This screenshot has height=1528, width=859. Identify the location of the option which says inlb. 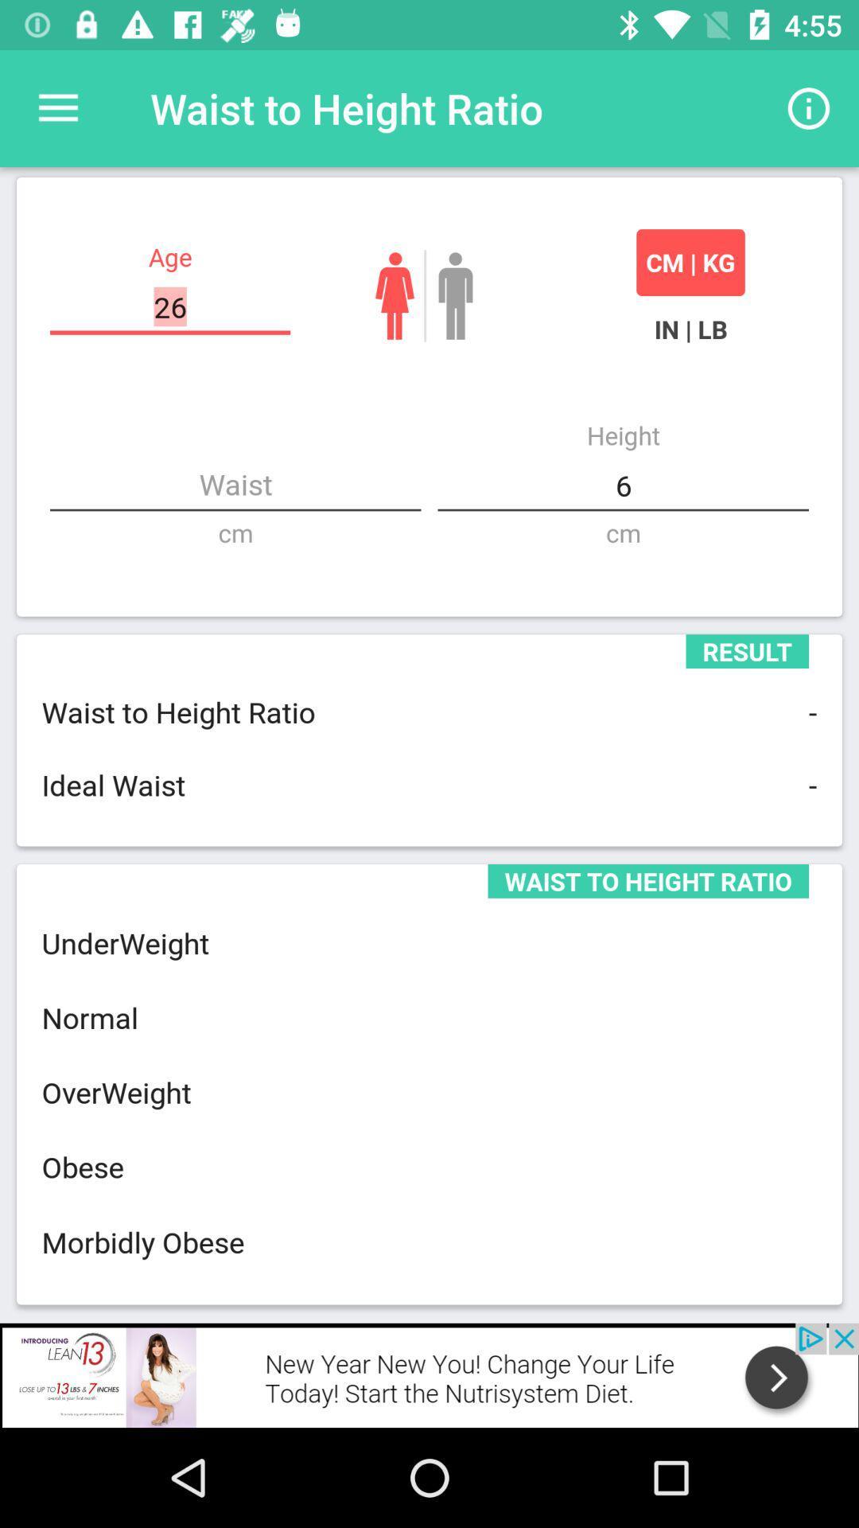
(690, 328).